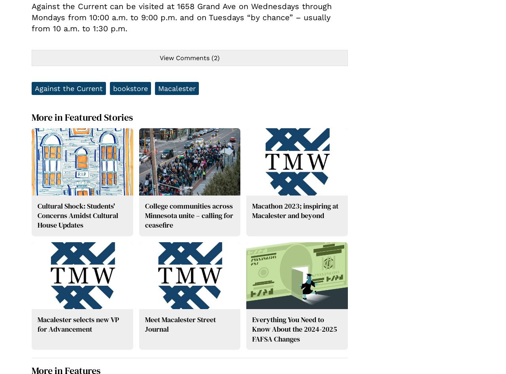  What do you see at coordinates (179, 324) in the screenshot?
I see `'Meet Macalester Street Journal'` at bounding box center [179, 324].